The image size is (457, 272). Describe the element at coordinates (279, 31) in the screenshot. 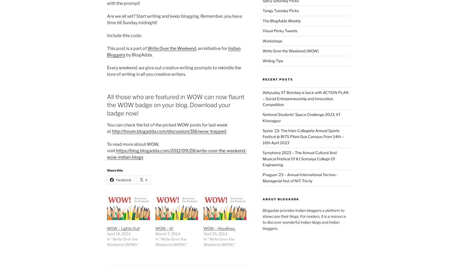

I see `'Visual Perky Tweets'` at that location.